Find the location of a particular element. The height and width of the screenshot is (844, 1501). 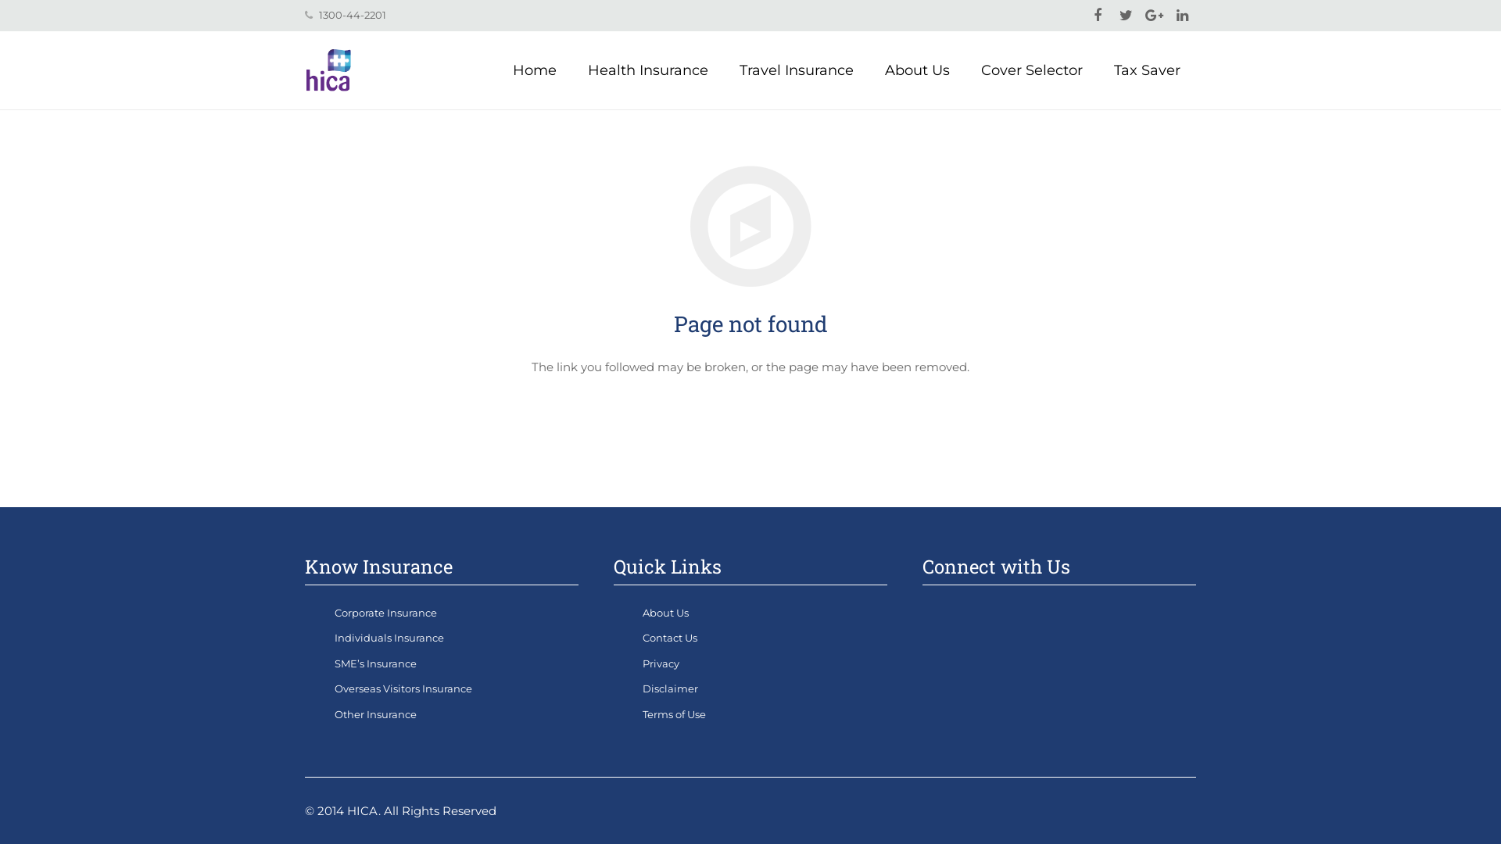

'Overseas Visitors Insurance' is located at coordinates (333, 687).